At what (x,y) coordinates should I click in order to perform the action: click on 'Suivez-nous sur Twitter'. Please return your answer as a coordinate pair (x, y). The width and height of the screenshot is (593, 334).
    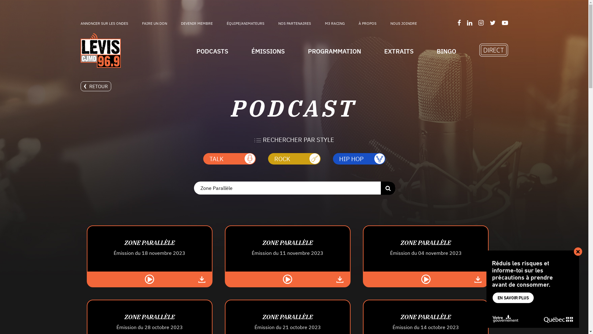
    Looking at the image, I should click on (492, 22).